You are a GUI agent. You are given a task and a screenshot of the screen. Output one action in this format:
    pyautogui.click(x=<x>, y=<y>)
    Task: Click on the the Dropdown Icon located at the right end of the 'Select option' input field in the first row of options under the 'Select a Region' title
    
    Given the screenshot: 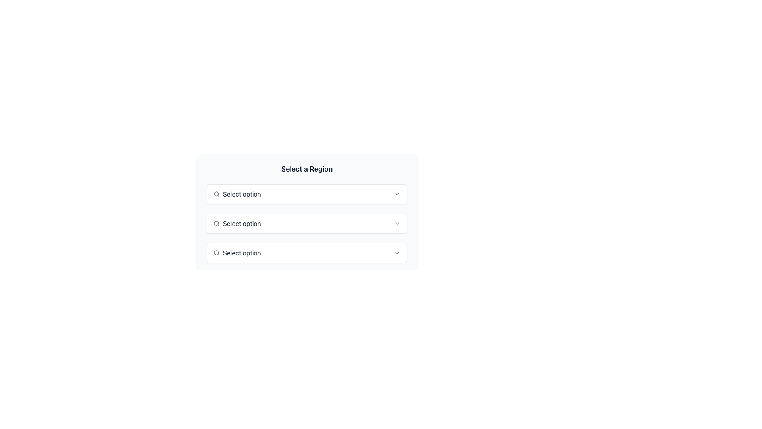 What is the action you would take?
    pyautogui.click(x=397, y=194)
    